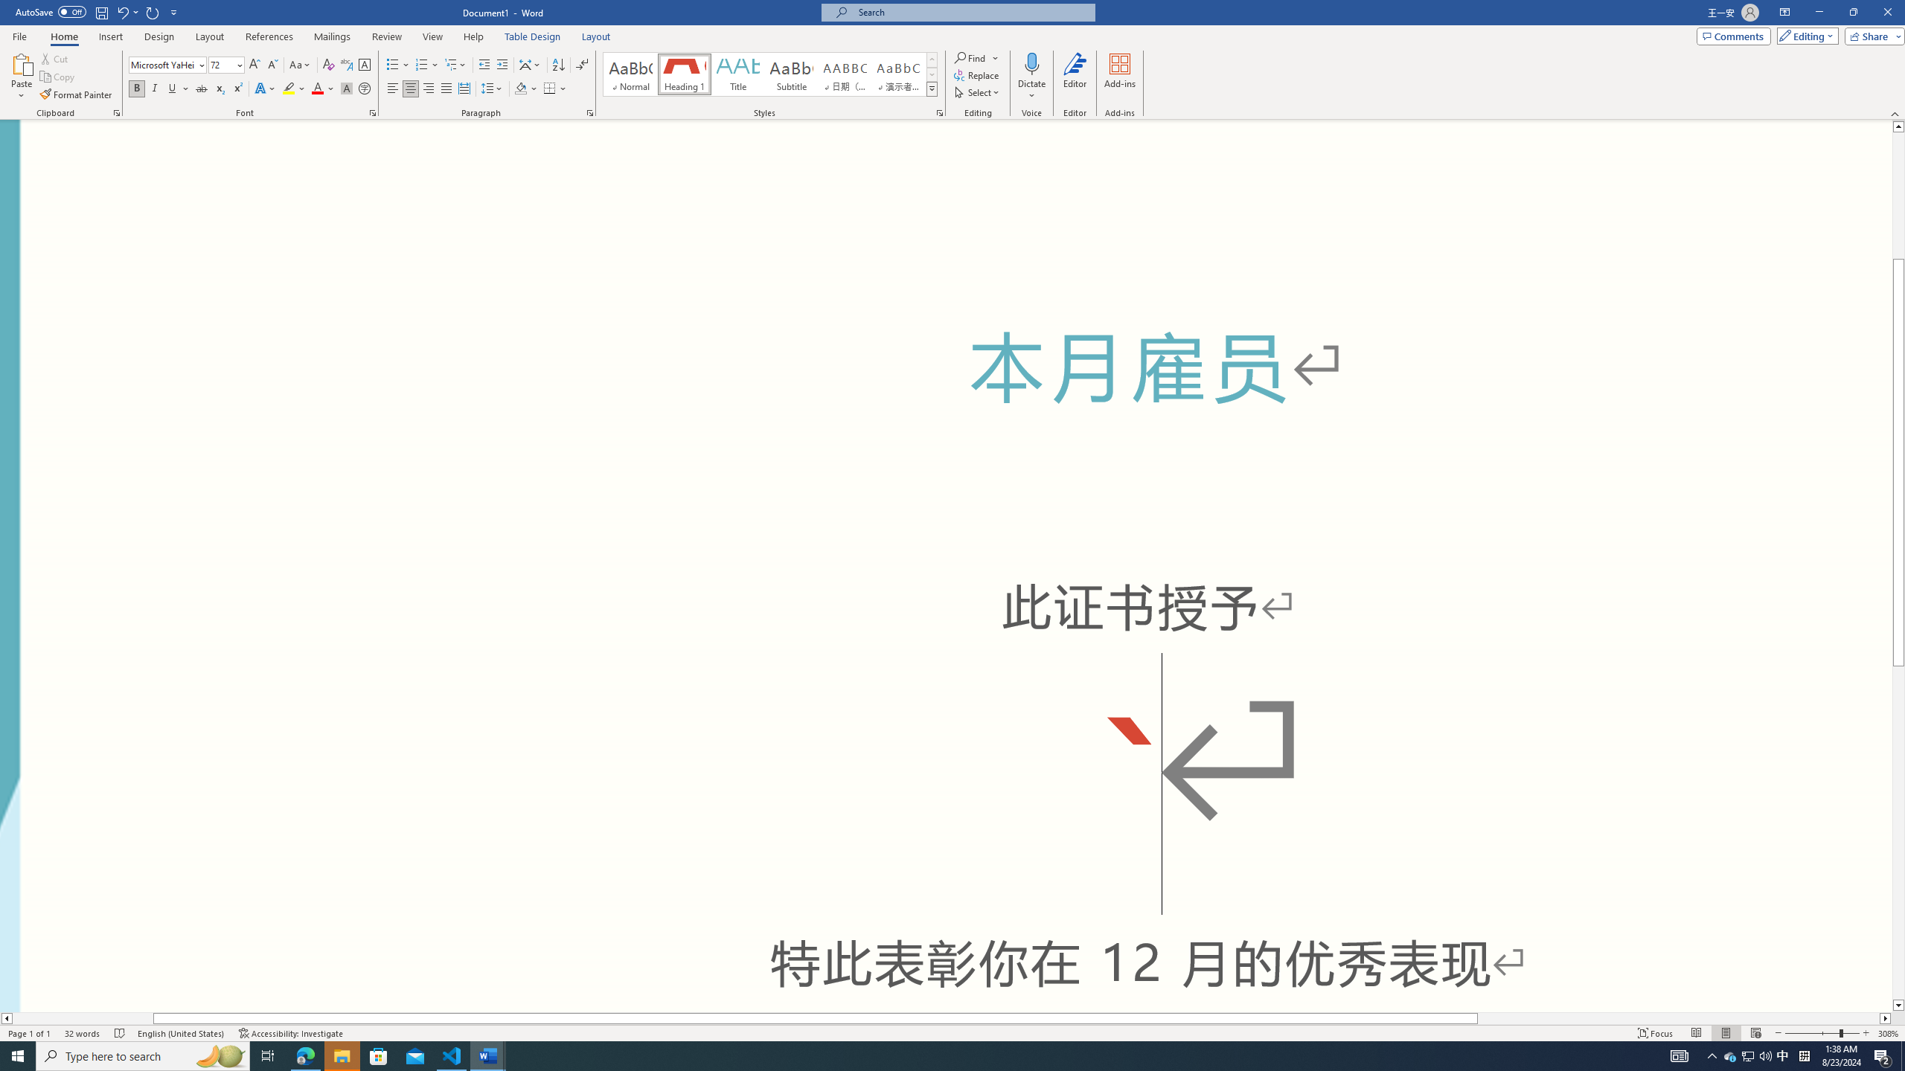 The image size is (1905, 1071). I want to click on 'Line down', so click(1898, 1005).